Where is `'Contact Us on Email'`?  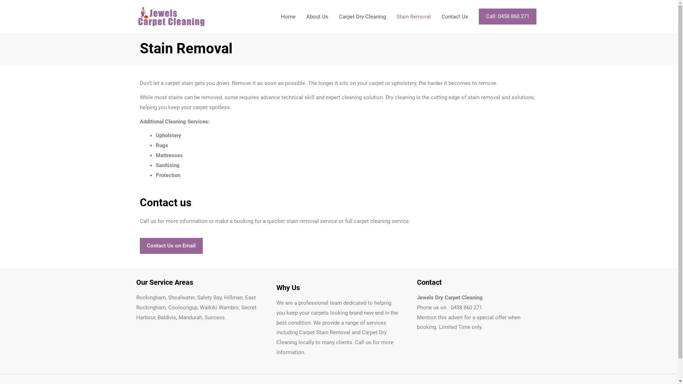
'Contact Us on Email' is located at coordinates (171, 245).